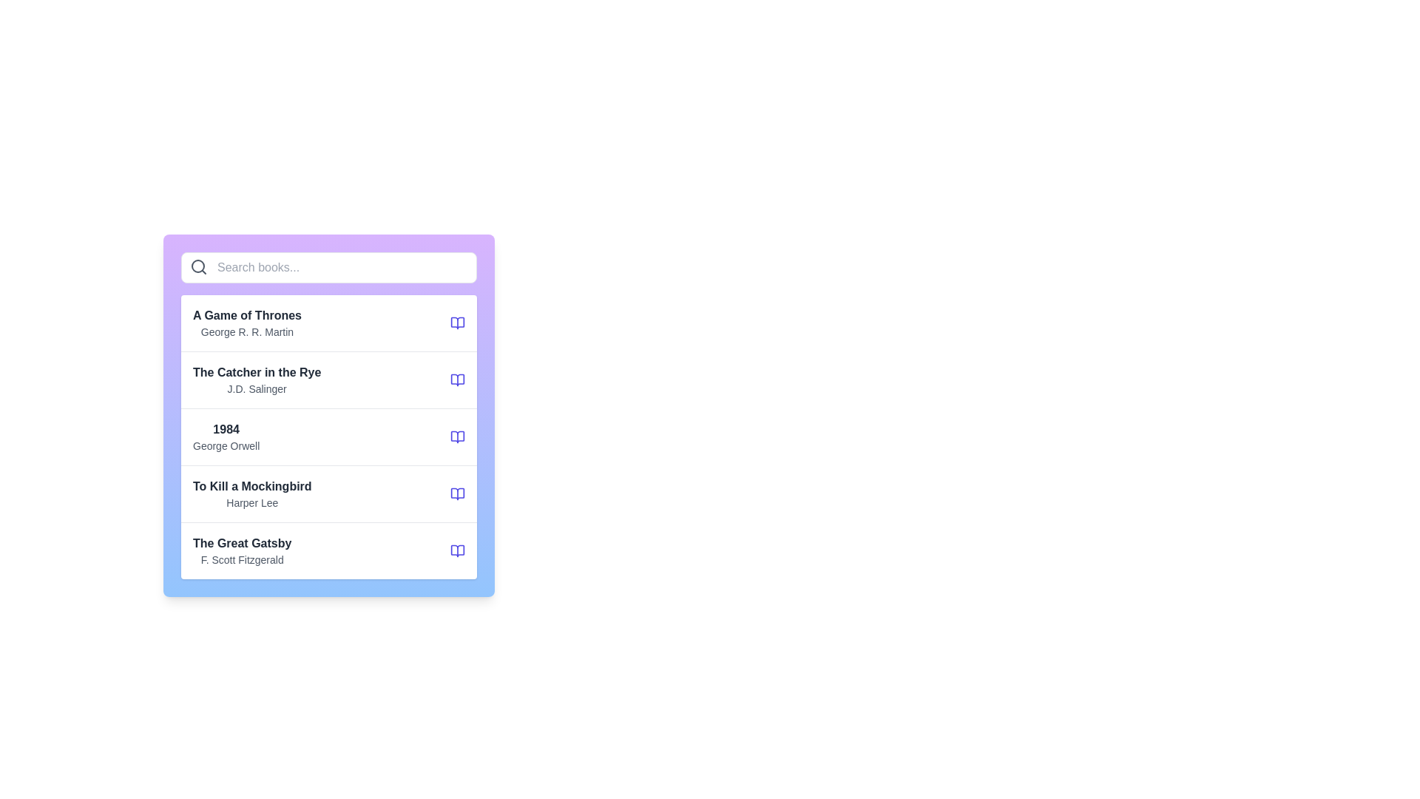  Describe the element at coordinates (242, 559) in the screenshot. I see `the Text Label displaying 'F. Scott Fitzgerald', which is located beneath 'The Great Gatsby' in the interface` at that location.